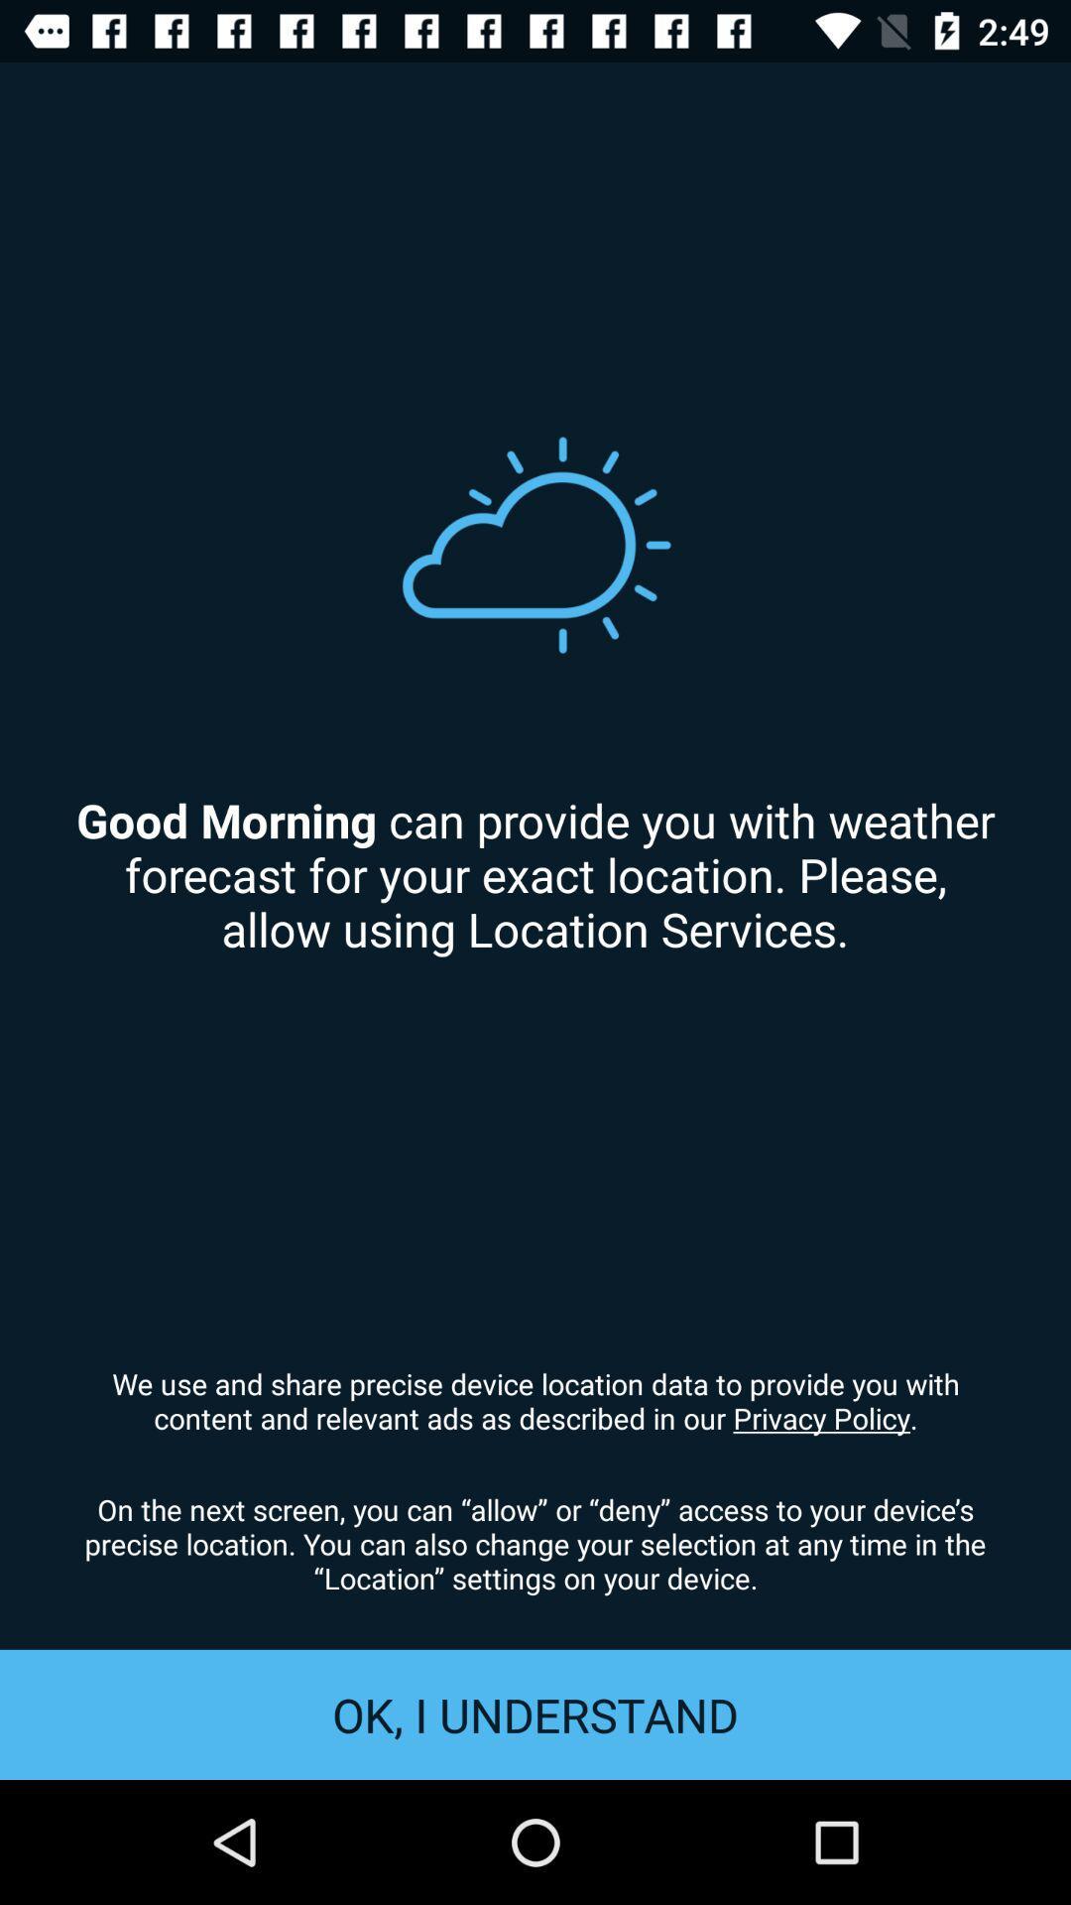 The width and height of the screenshot is (1071, 1905). Describe the element at coordinates (535, 1714) in the screenshot. I see `item below on the next item` at that location.